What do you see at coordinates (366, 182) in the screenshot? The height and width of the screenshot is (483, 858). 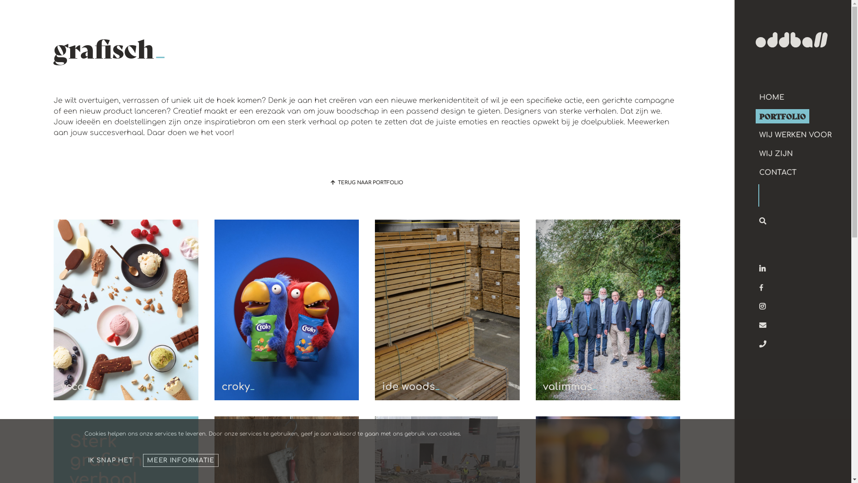 I see `'TERUG NAAR PORTFOLIO'` at bounding box center [366, 182].